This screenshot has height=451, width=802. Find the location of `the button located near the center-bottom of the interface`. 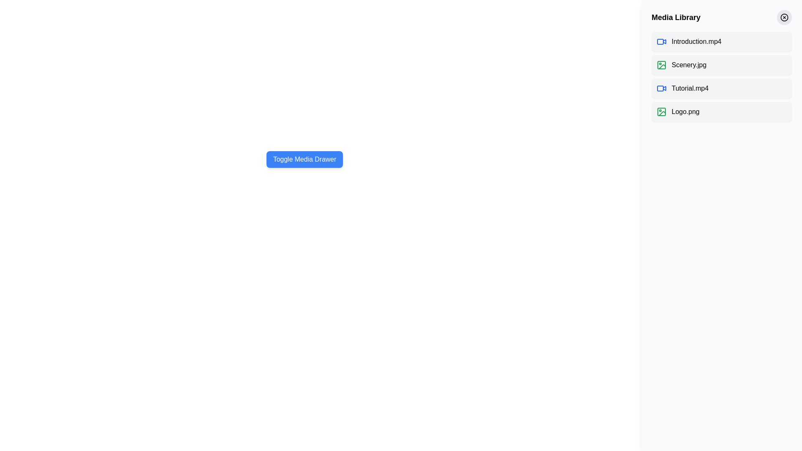

the button located near the center-bottom of the interface is located at coordinates (304, 159).